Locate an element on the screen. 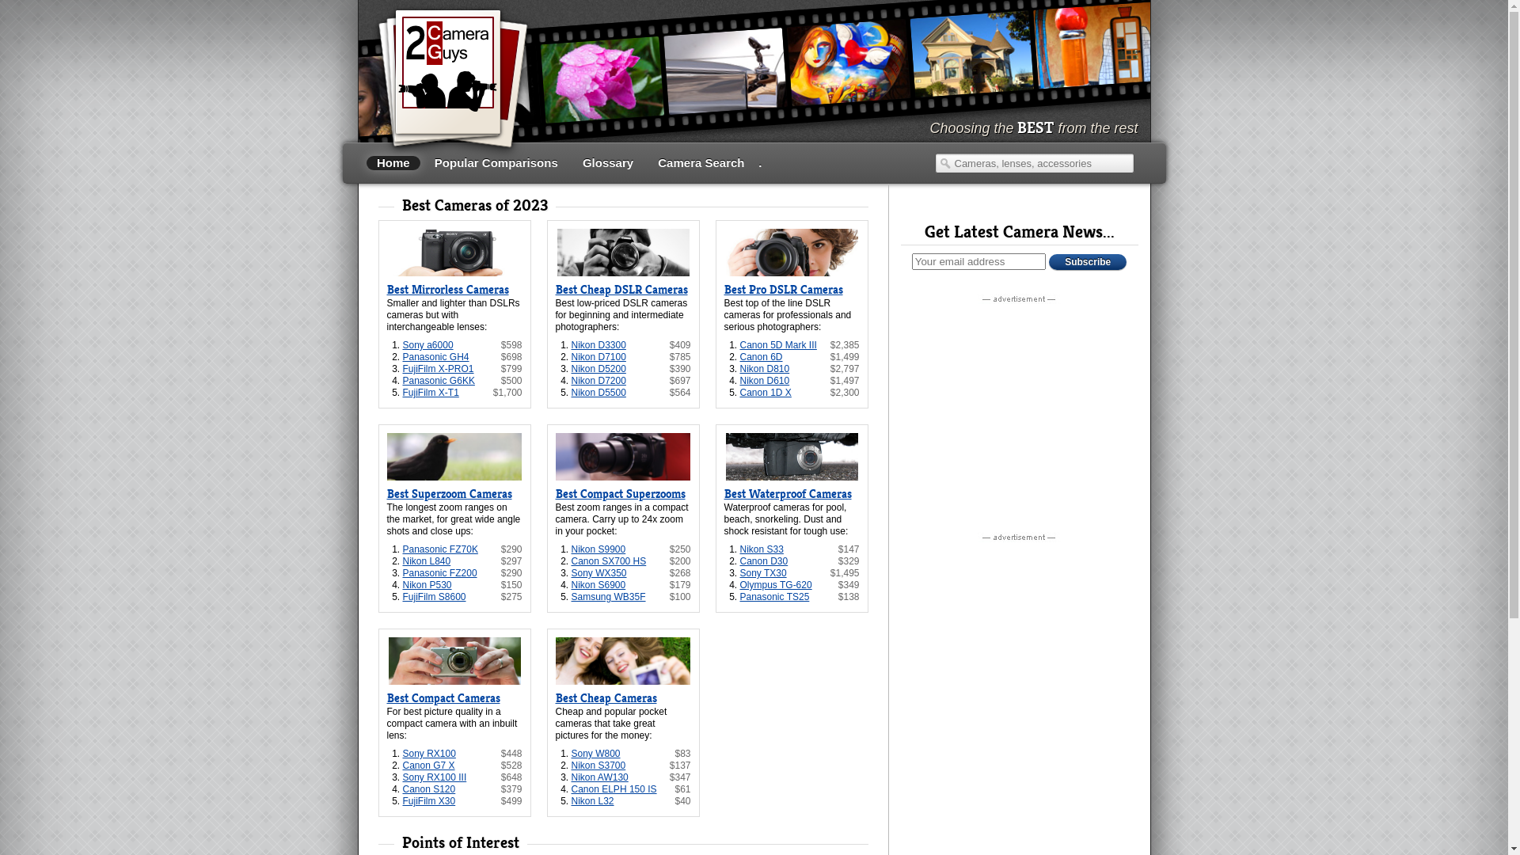  'FujiFilm X30' is located at coordinates (402, 800).